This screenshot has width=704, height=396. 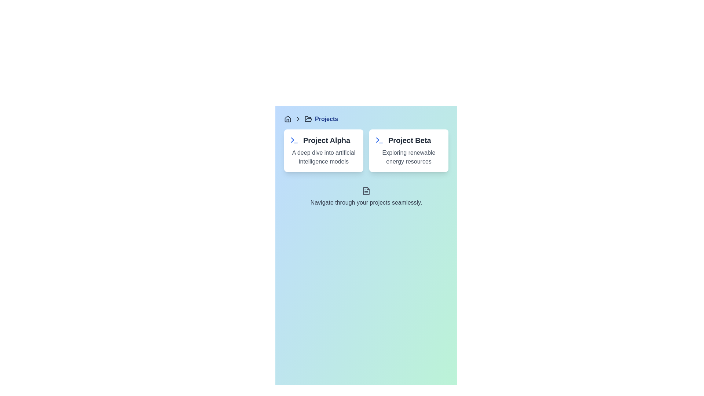 I want to click on the visual representation of the open folder icon located in the breadcrumb navigation bar next to the 'Projects' text, so click(x=308, y=118).